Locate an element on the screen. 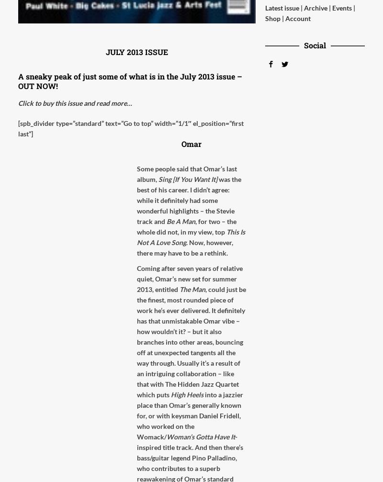  'Coming after seven years of relative quiet, Omar’s new set for summer 2013, entitled' is located at coordinates (189, 278).